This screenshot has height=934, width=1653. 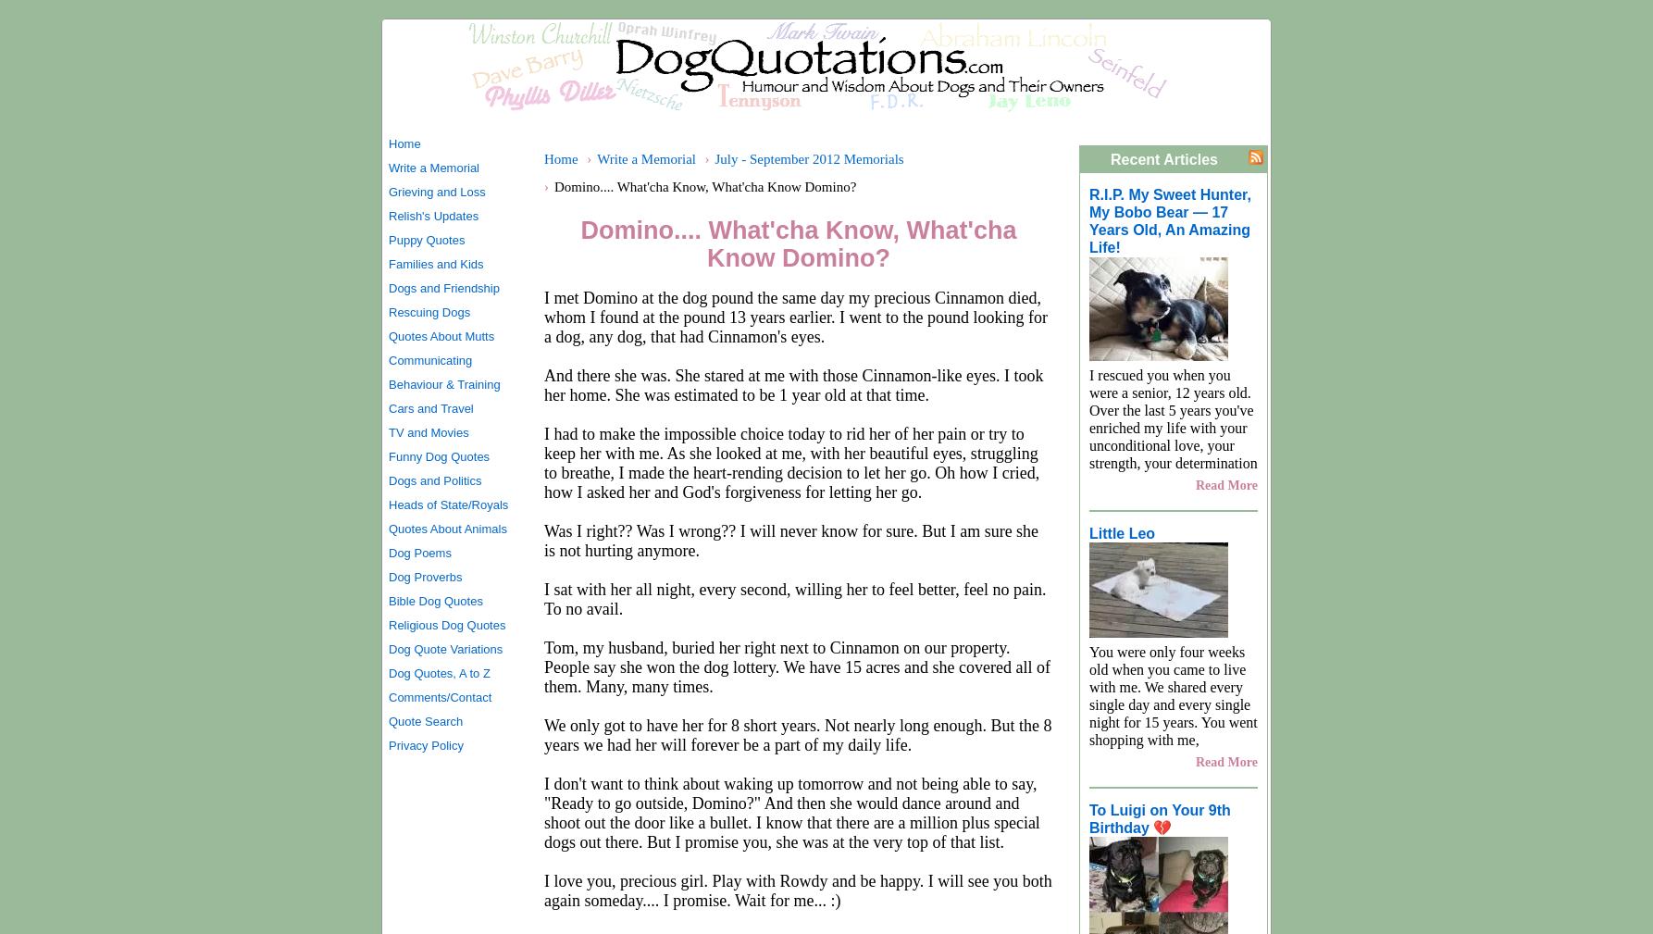 I want to click on 'Religious Dog Quotes', so click(x=445, y=625).